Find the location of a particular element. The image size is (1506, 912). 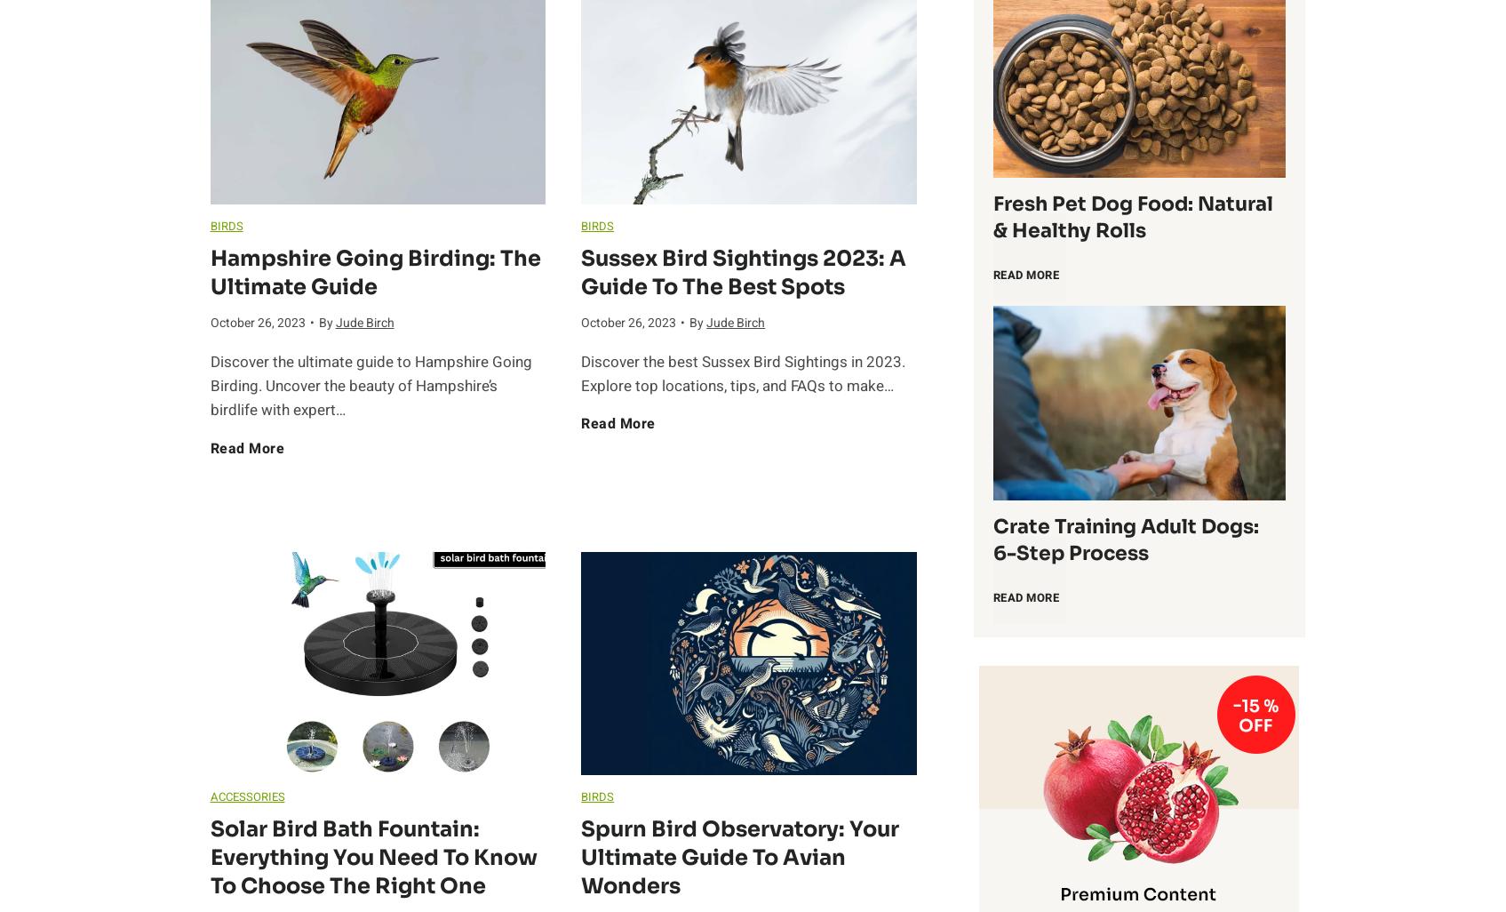

'Spurn Bird Observatory: Your Ultimate Guide to Avian Wonders' is located at coordinates (739, 857).